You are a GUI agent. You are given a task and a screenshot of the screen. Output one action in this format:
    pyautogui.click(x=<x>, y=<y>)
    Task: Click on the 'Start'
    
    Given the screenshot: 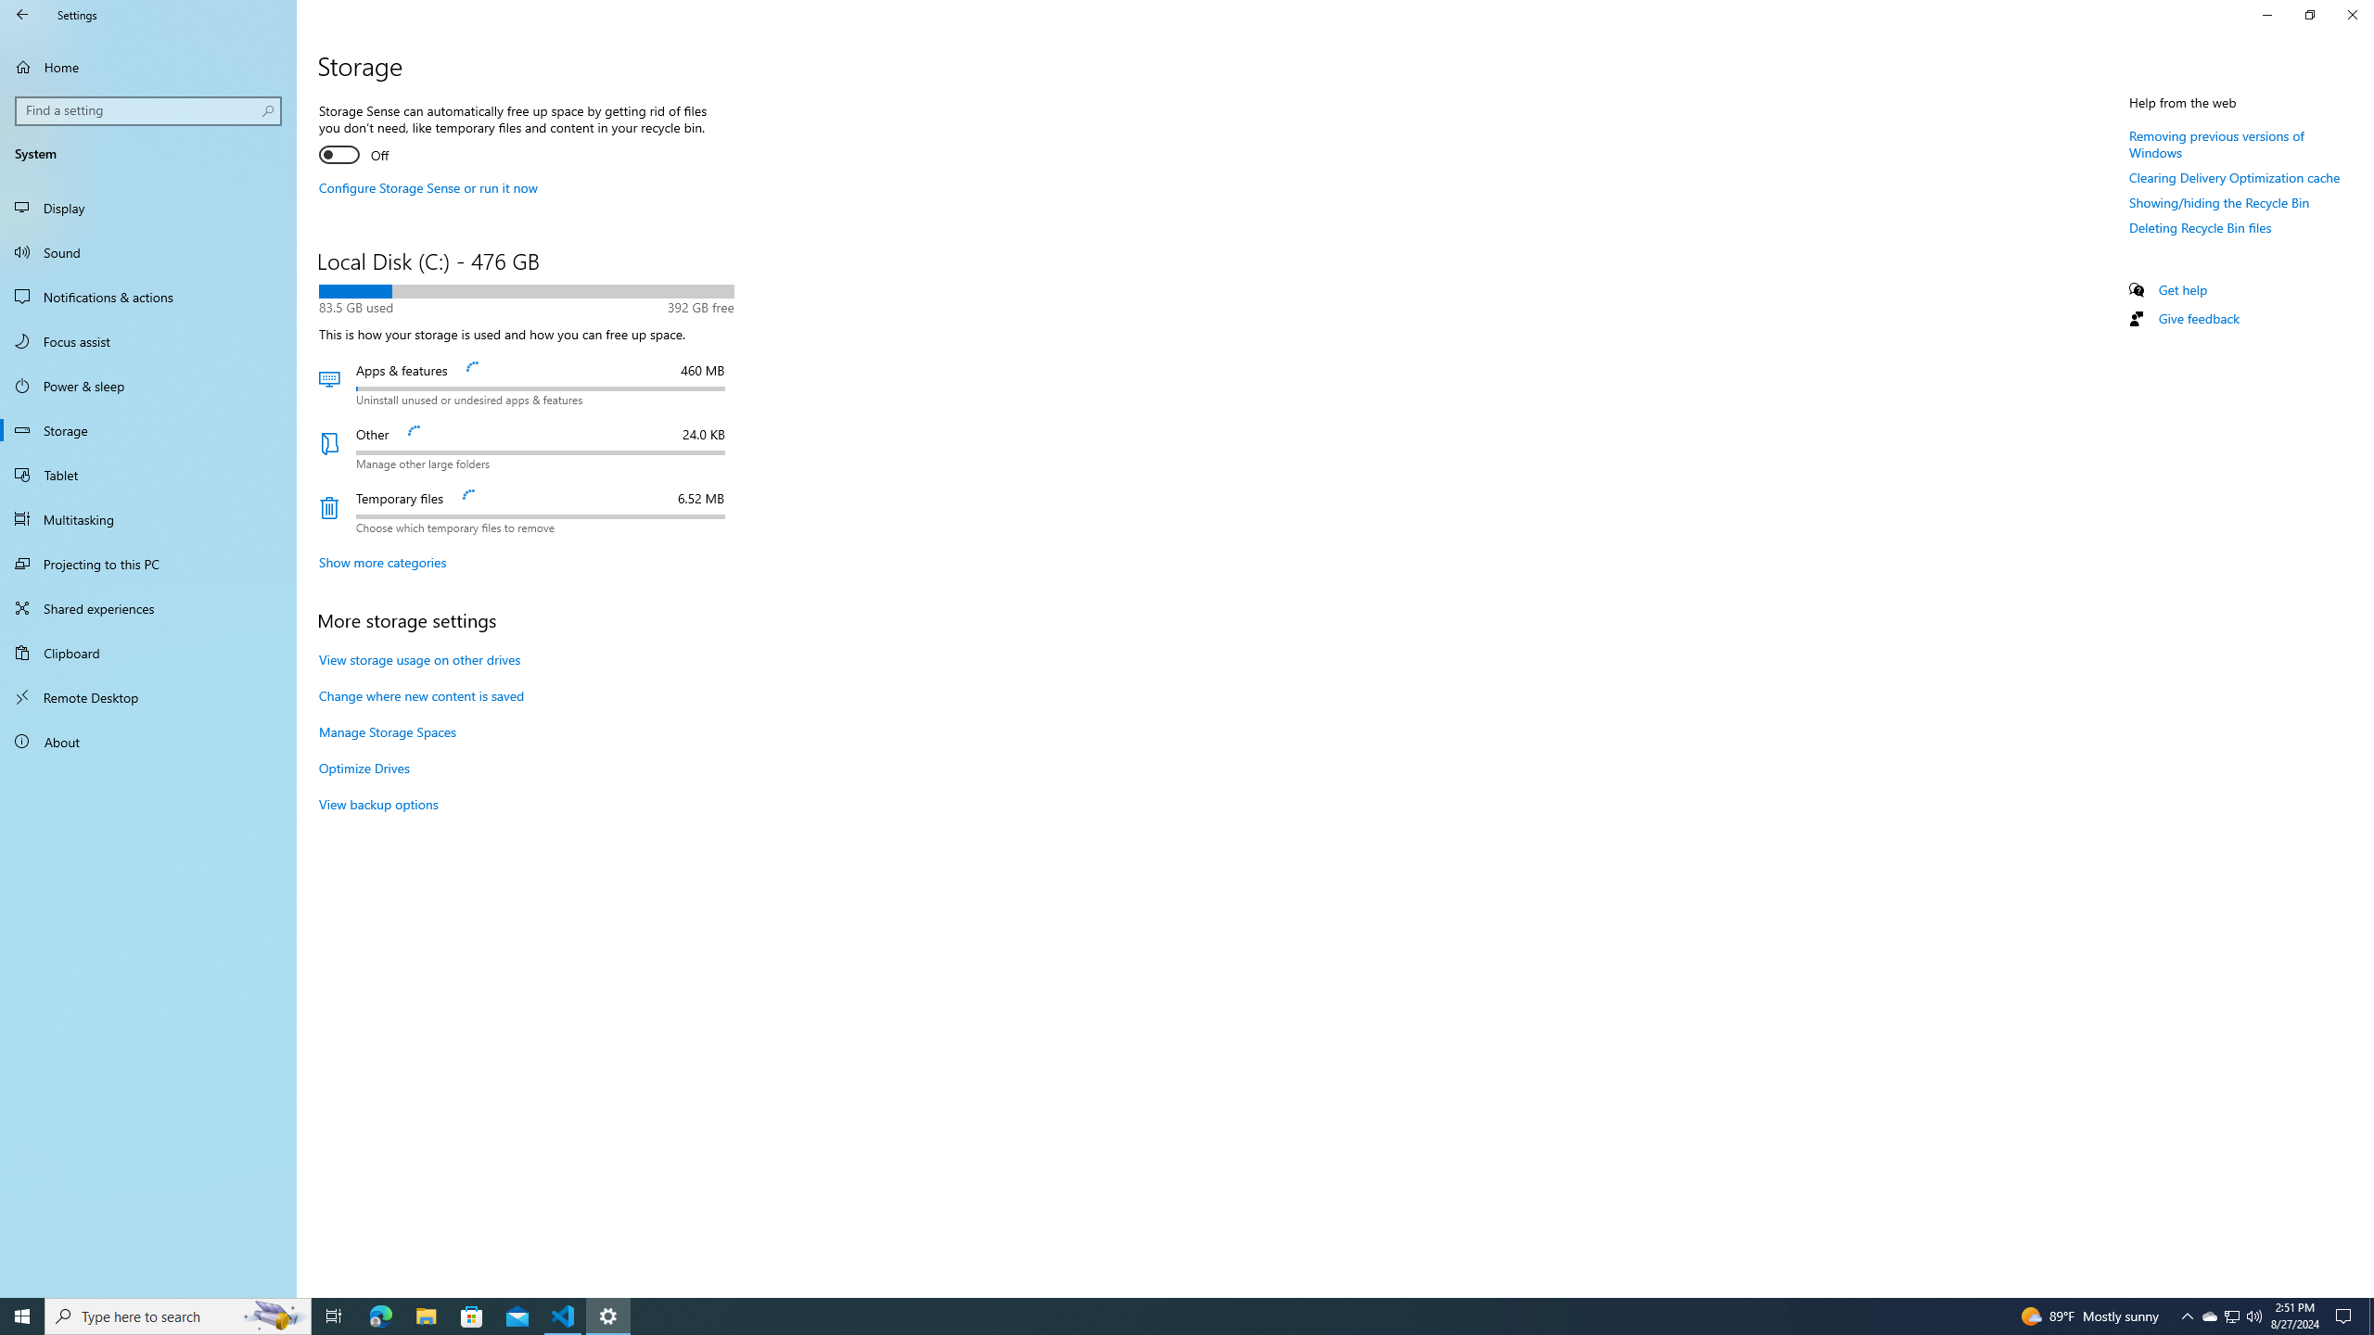 What is the action you would take?
    pyautogui.click(x=22, y=1315)
    